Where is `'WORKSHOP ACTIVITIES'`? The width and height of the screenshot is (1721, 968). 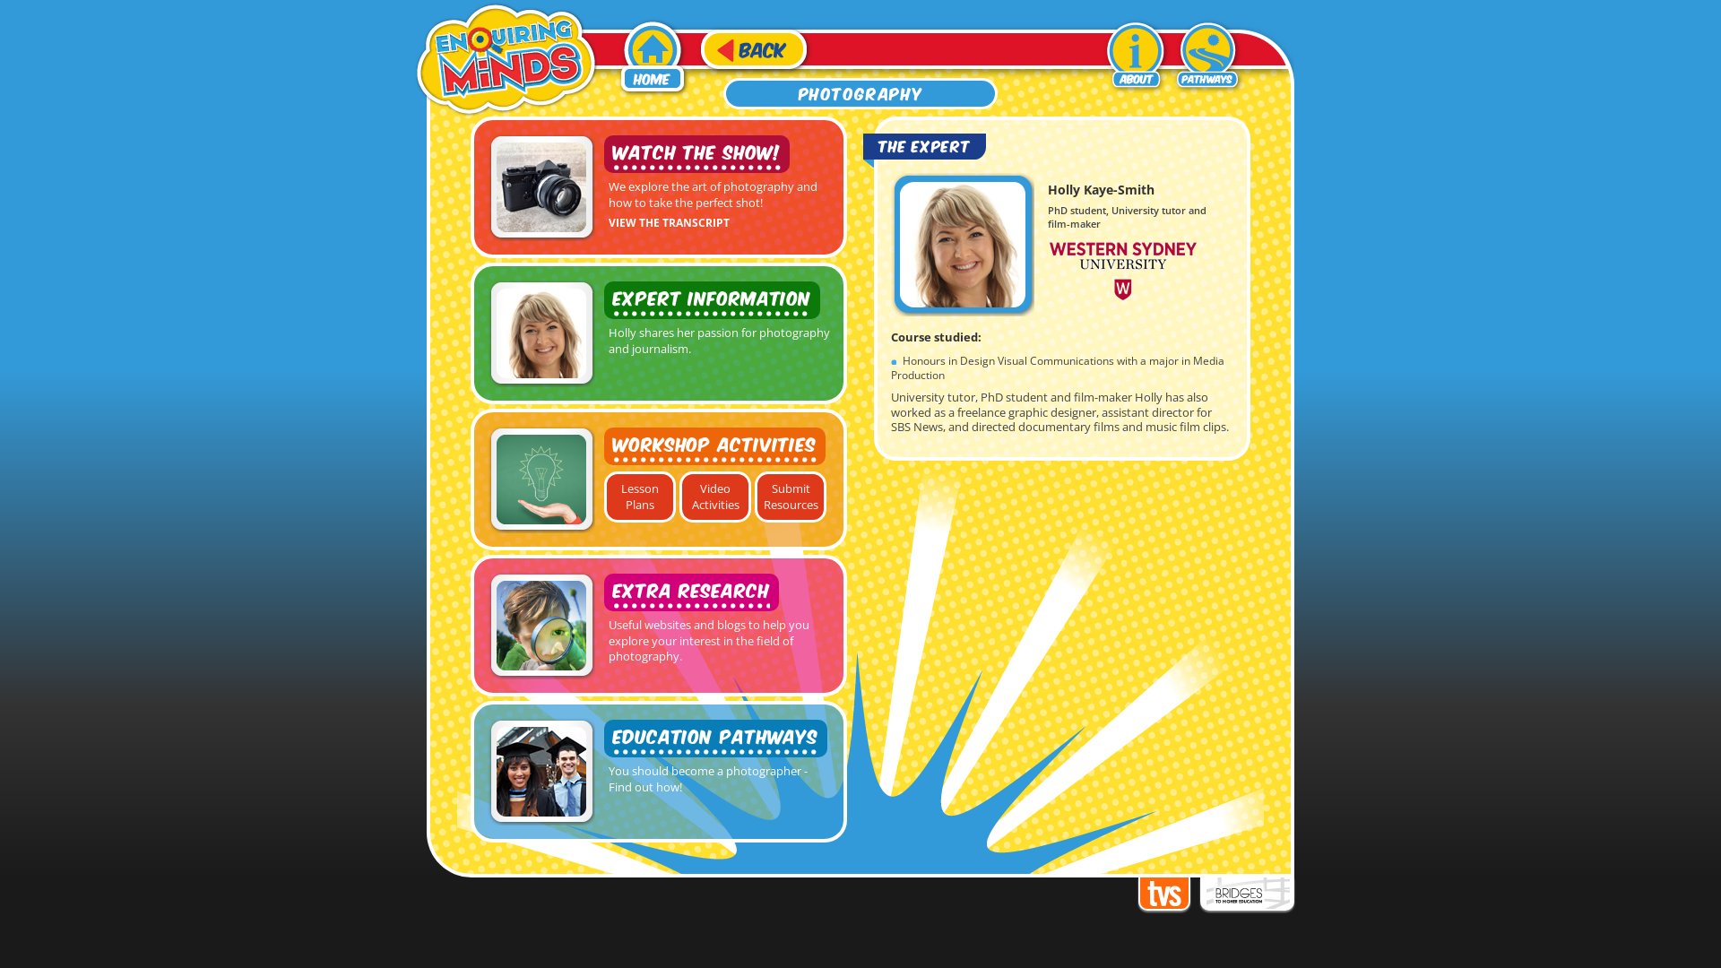
'WORKSHOP ACTIVITIES' is located at coordinates (713, 445).